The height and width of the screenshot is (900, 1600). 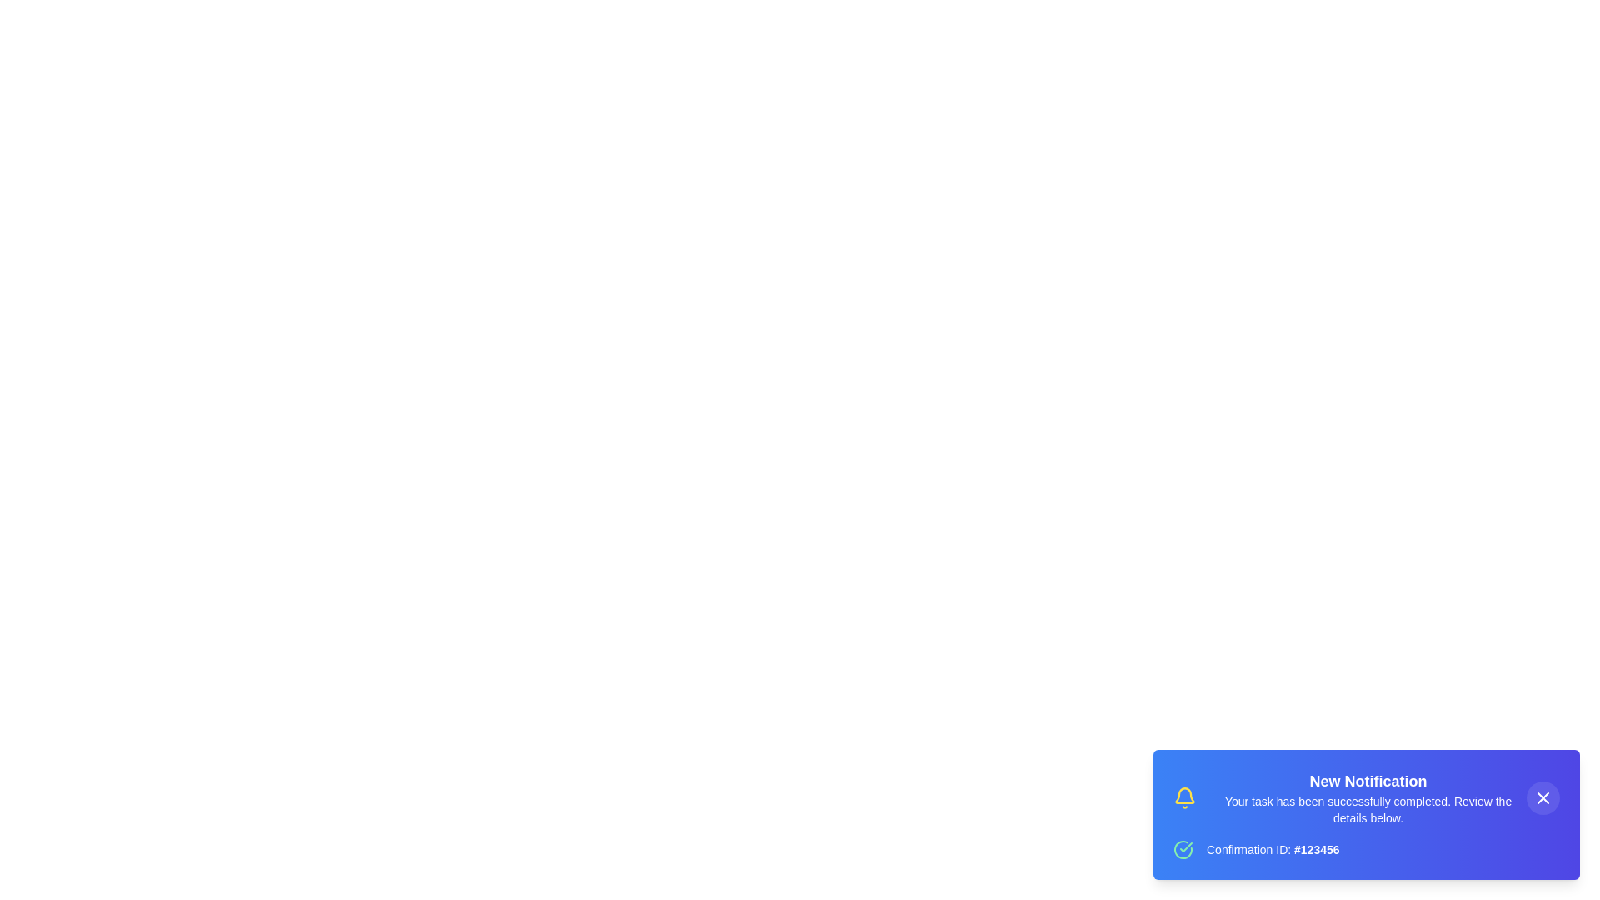 I want to click on heading text of the notification, which indicates the type or key message of the alert located at the top of the notification card, so click(x=1367, y=781).